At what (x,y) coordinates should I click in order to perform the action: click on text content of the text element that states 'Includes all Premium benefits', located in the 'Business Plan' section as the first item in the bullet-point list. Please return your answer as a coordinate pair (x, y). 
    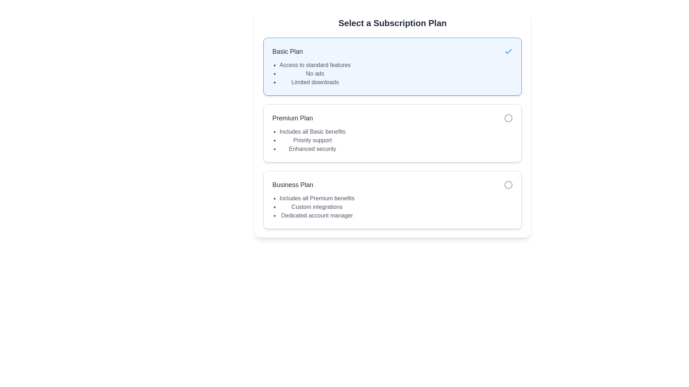
    Looking at the image, I should click on (317, 199).